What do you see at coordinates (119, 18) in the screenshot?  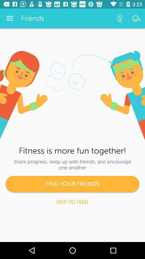 I see `the icon next to friends item` at bounding box center [119, 18].